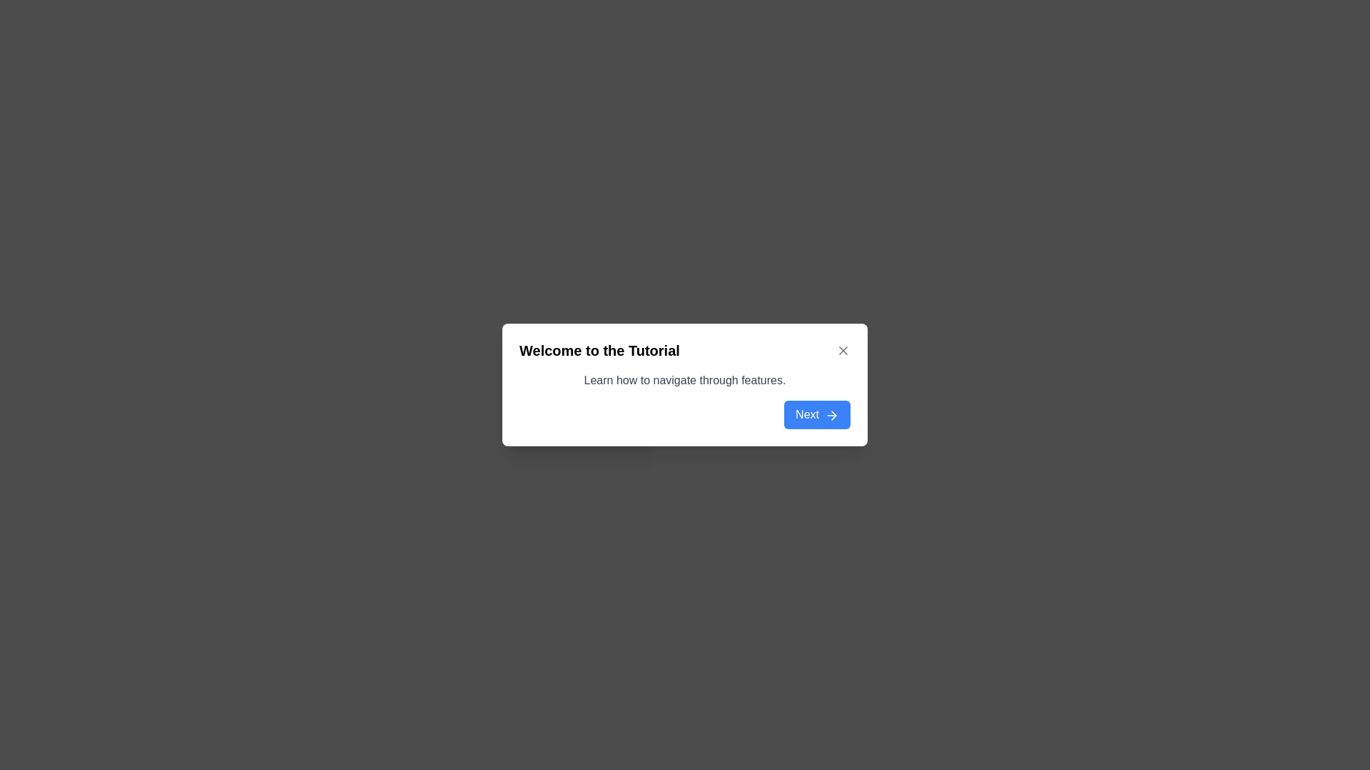 Image resolution: width=1370 pixels, height=770 pixels. Describe the element at coordinates (832, 415) in the screenshot. I see `the right-pointing arrow icon inside the blue 'Next' button, which indicates a forward action` at that location.